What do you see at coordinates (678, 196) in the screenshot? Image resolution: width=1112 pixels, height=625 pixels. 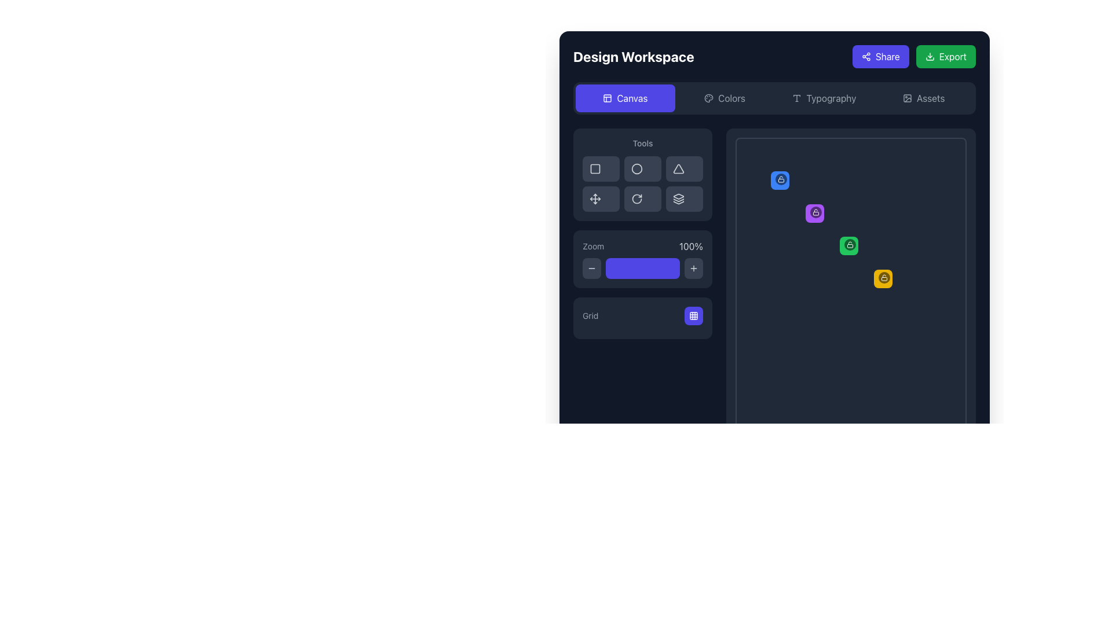 I see `the topmost icon resembling a stack within the tools section of the left panel, which features a trapezoidal design and aligns with other geometric icons` at bounding box center [678, 196].